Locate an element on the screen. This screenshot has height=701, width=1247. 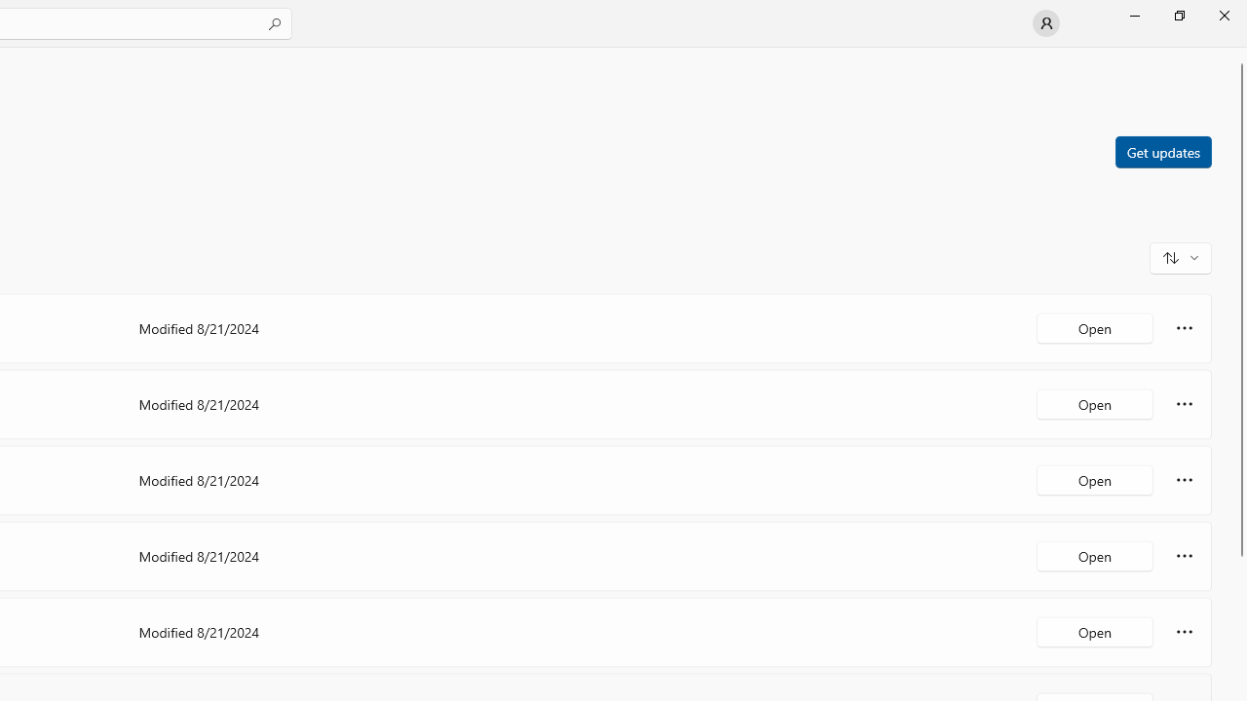
'Get updates' is located at coordinates (1162, 150).